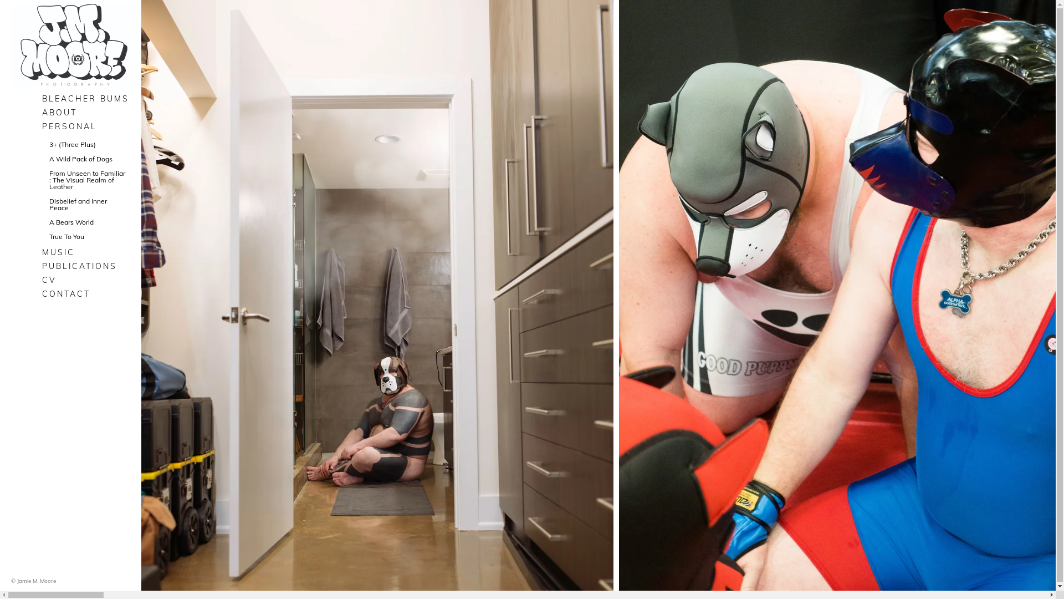  What do you see at coordinates (86, 98) in the screenshot?
I see `'BLEACHER BUMS'` at bounding box center [86, 98].